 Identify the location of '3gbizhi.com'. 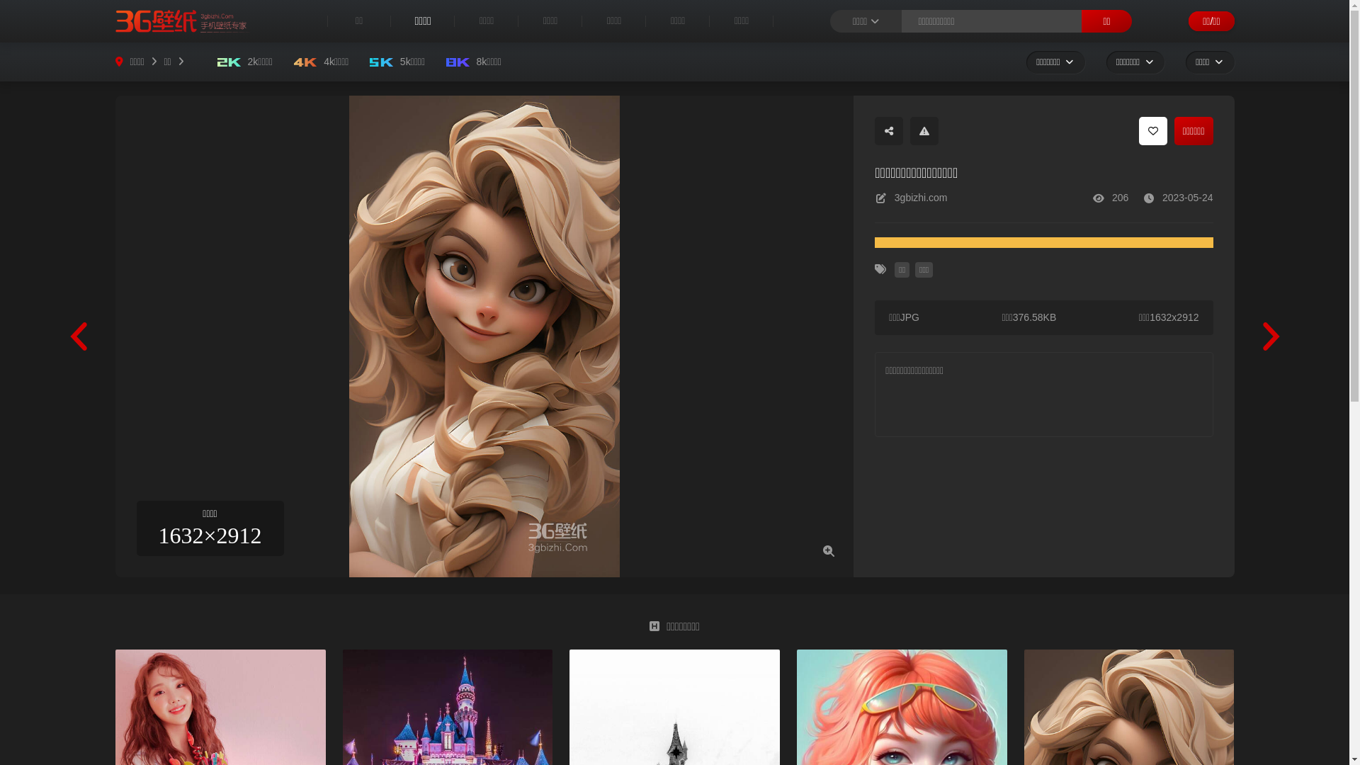
(893, 198).